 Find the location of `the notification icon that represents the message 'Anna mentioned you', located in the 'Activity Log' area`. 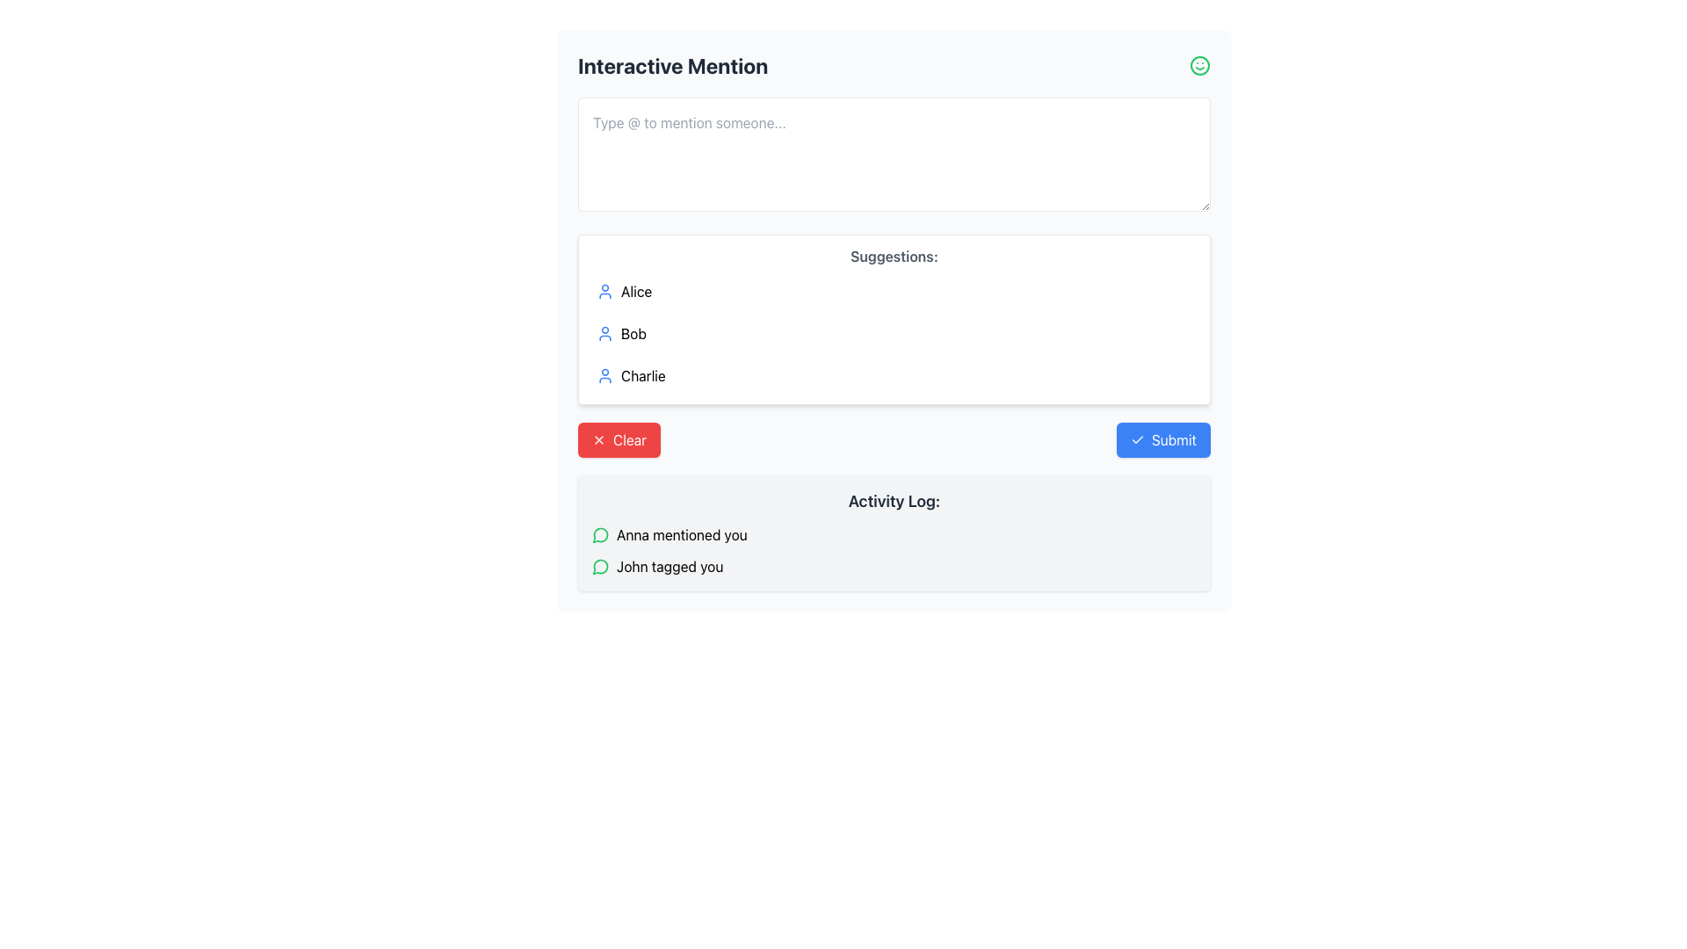

the notification icon that represents the message 'Anna mentioned you', located in the 'Activity Log' area is located at coordinates (601, 534).